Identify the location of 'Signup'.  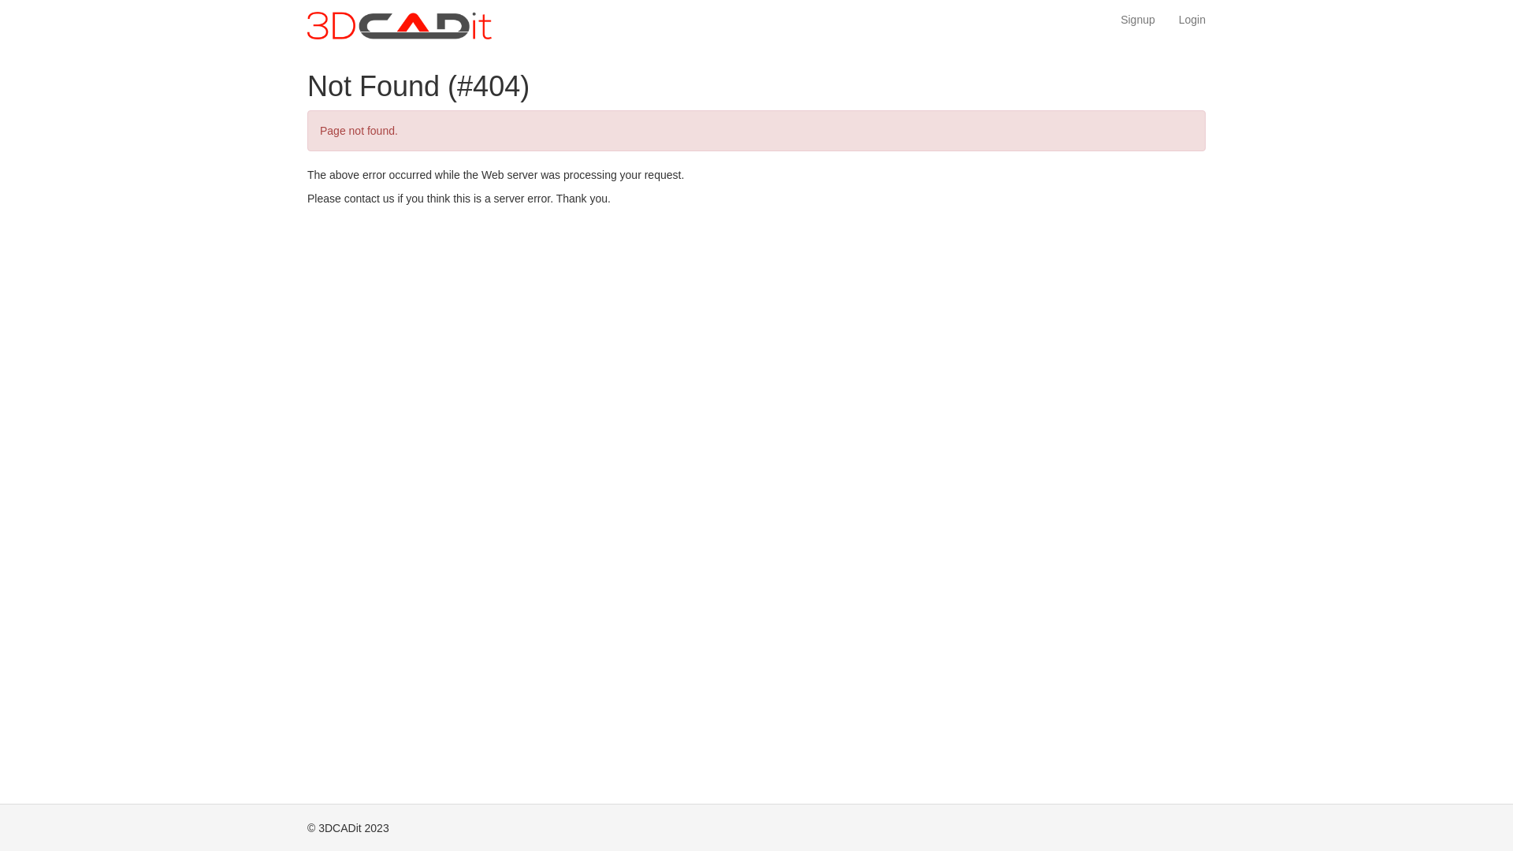
(1138, 19).